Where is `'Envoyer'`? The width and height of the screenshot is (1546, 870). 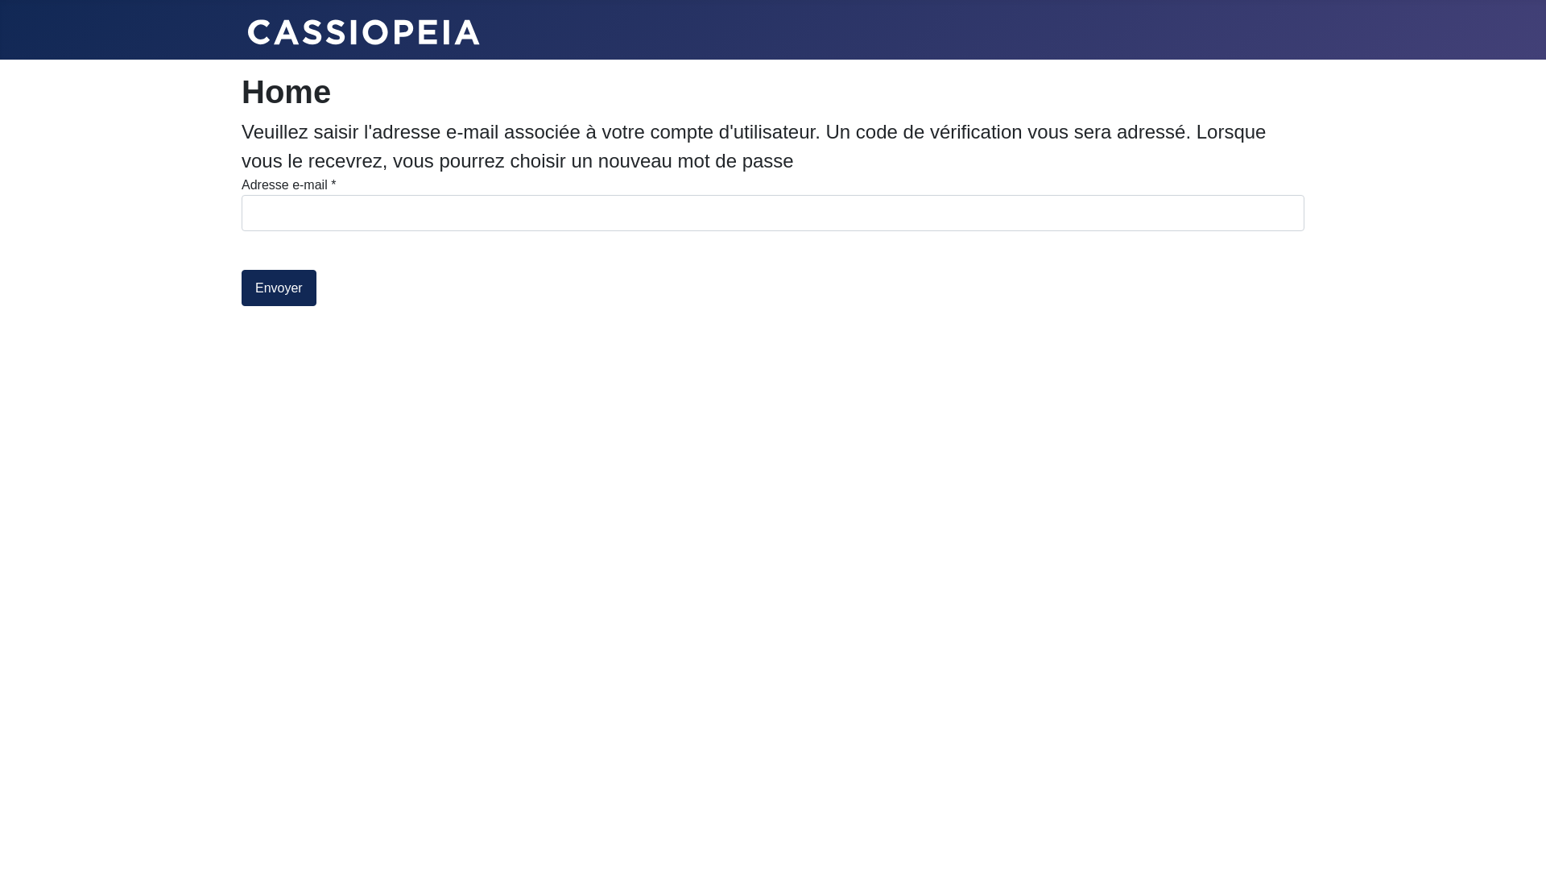 'Envoyer' is located at coordinates (279, 287).